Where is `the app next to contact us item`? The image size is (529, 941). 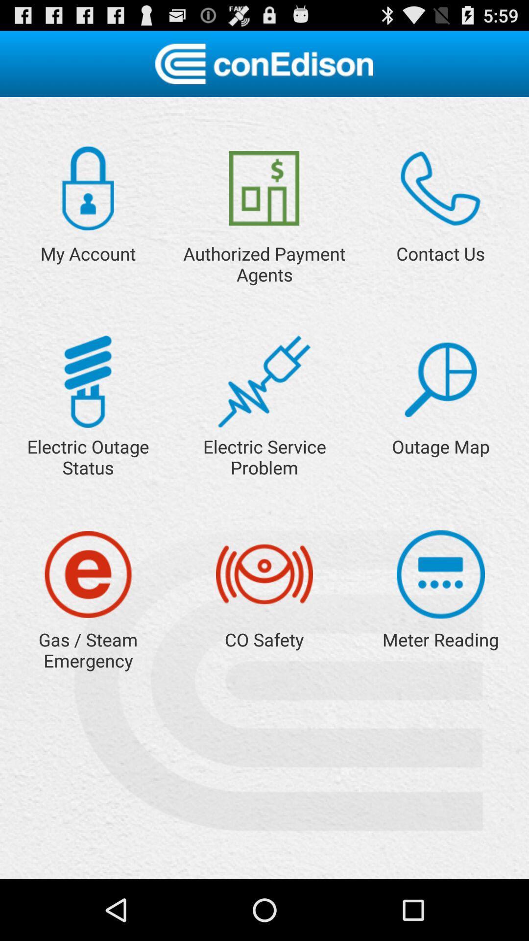 the app next to contact us item is located at coordinates (264, 188).